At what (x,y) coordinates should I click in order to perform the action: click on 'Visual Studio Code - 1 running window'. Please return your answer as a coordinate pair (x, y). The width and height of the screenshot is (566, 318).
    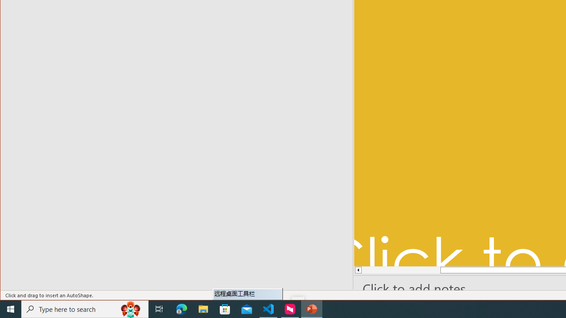
    Looking at the image, I should click on (268, 308).